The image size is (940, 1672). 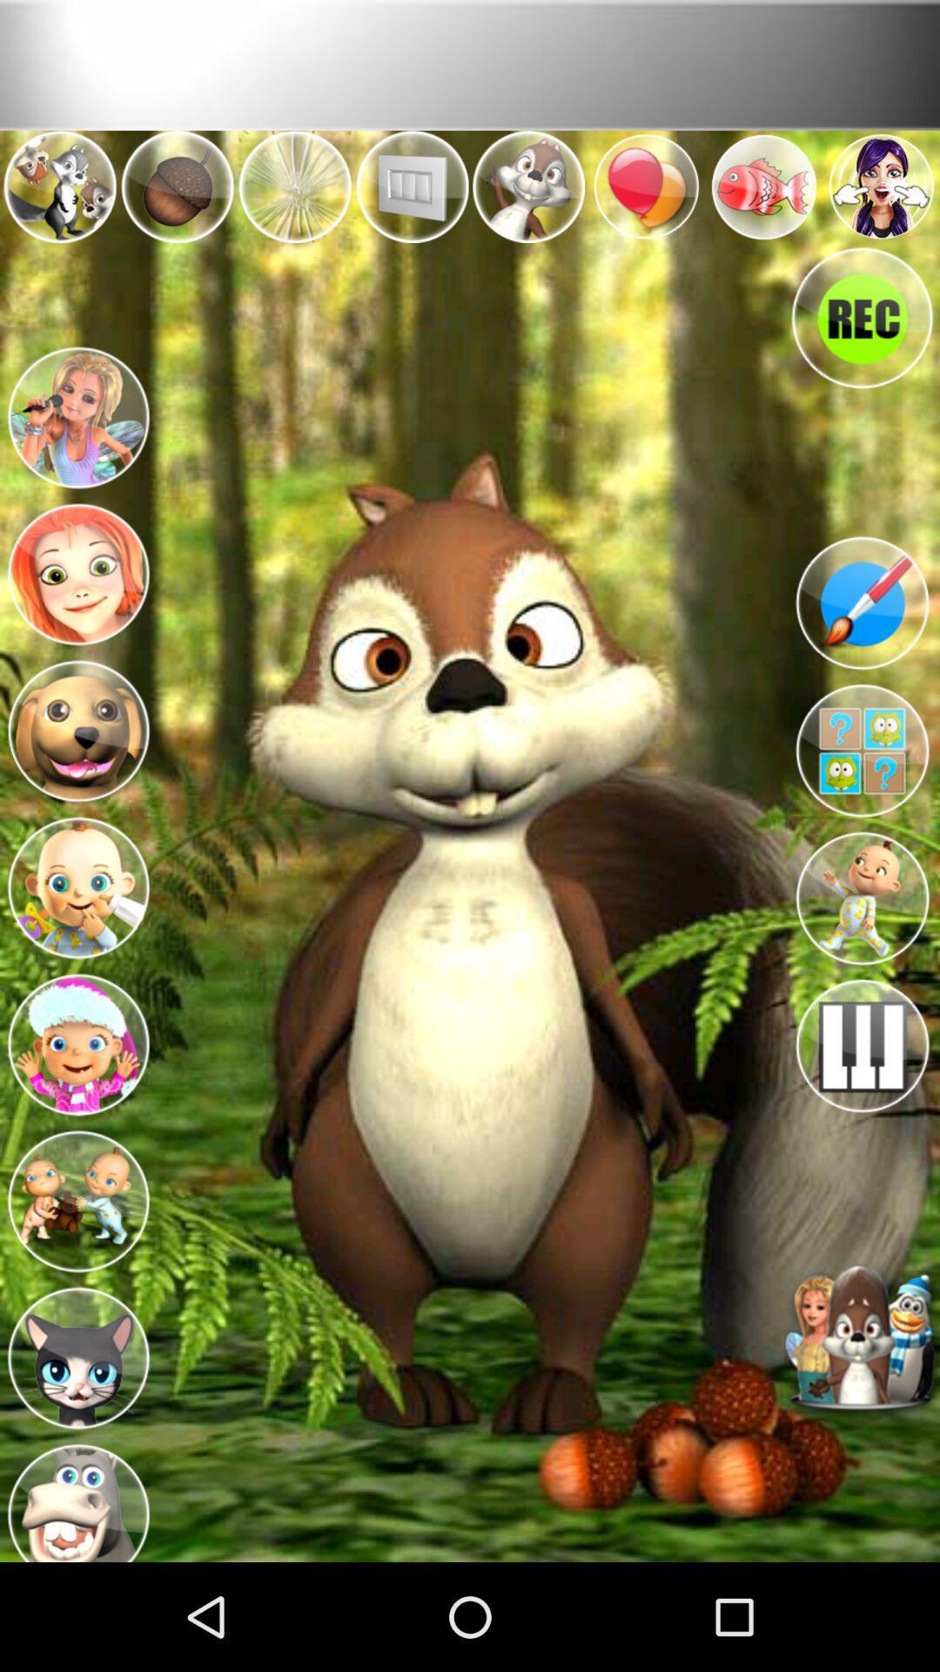 I want to click on the avatar icon, so click(x=862, y=961).